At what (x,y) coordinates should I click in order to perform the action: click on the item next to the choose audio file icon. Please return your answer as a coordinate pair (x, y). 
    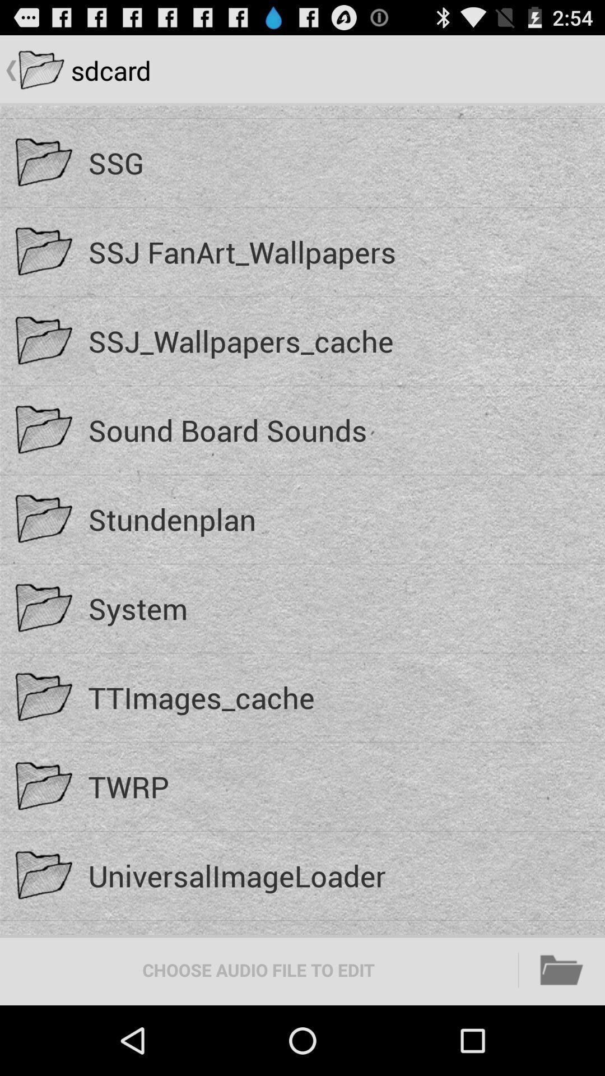
    Looking at the image, I should click on (562, 970).